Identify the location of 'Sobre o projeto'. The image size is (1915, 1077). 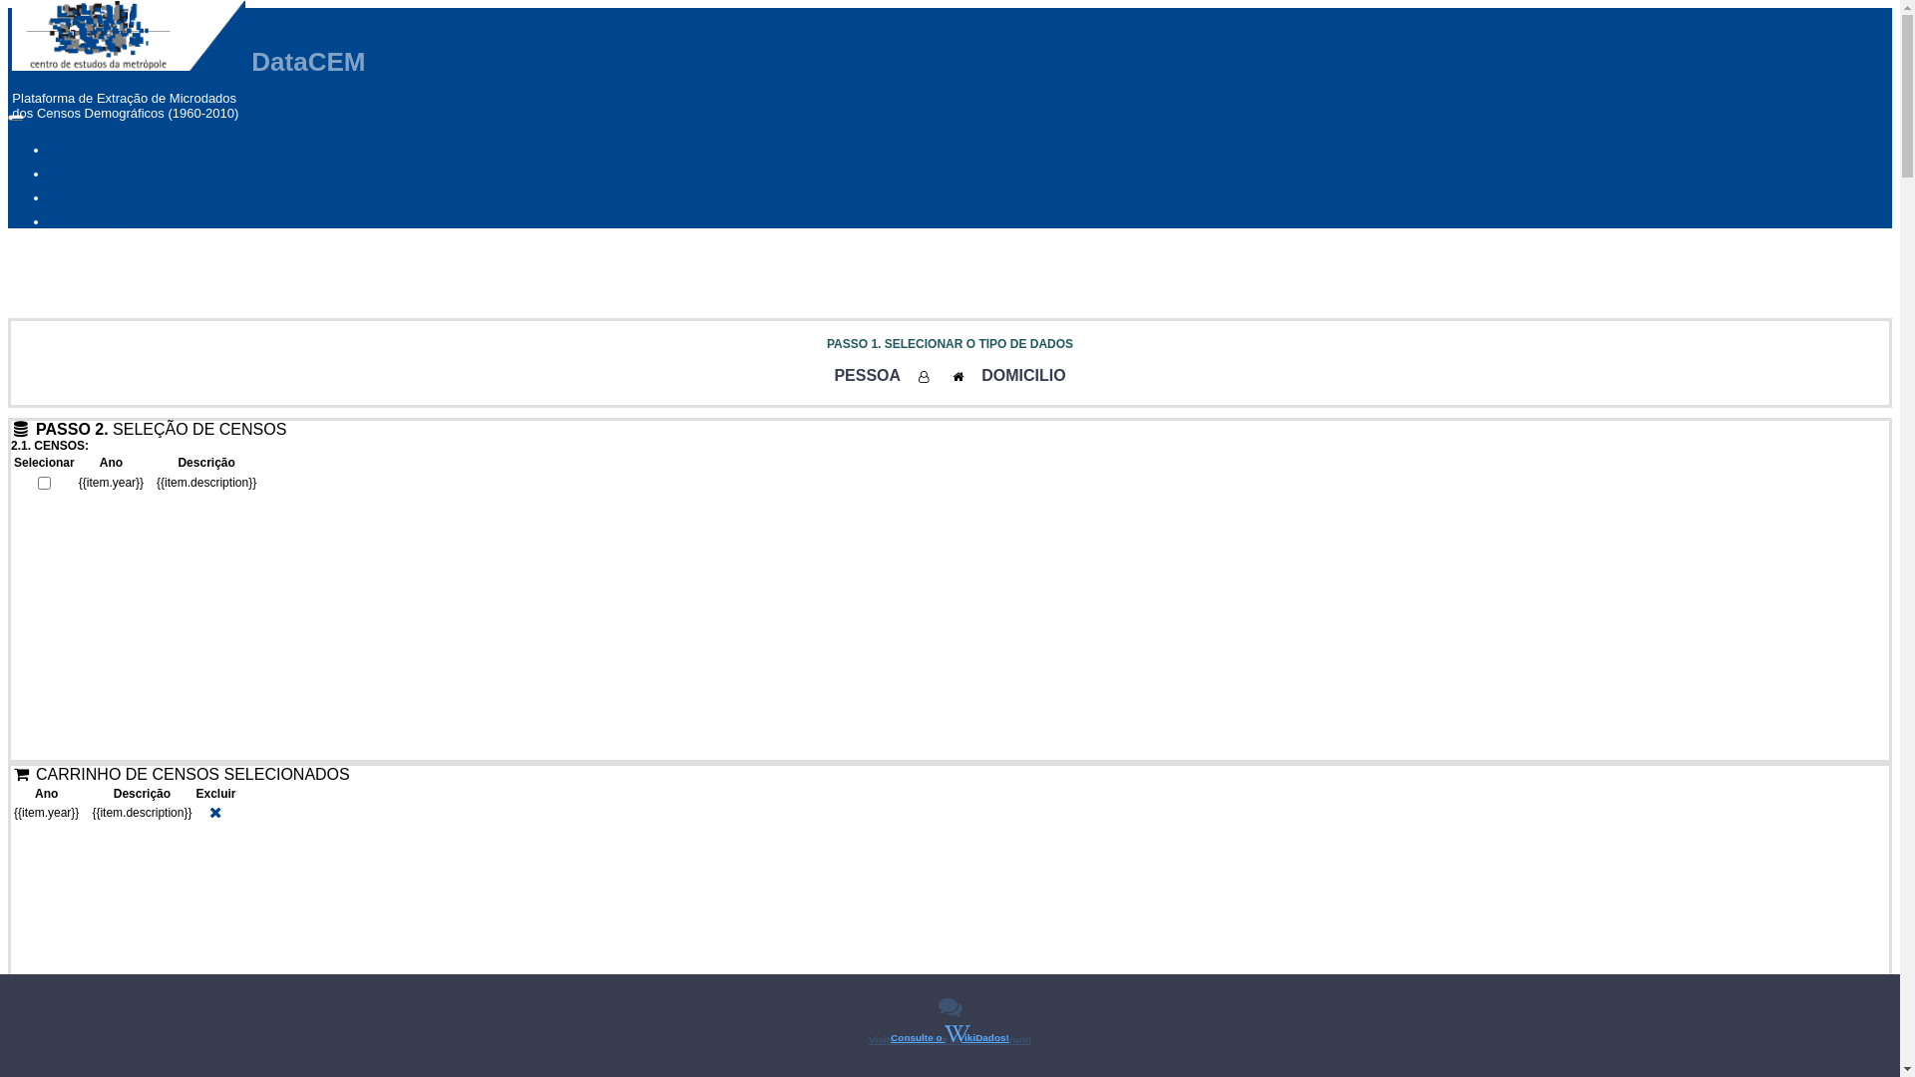
(99, 221).